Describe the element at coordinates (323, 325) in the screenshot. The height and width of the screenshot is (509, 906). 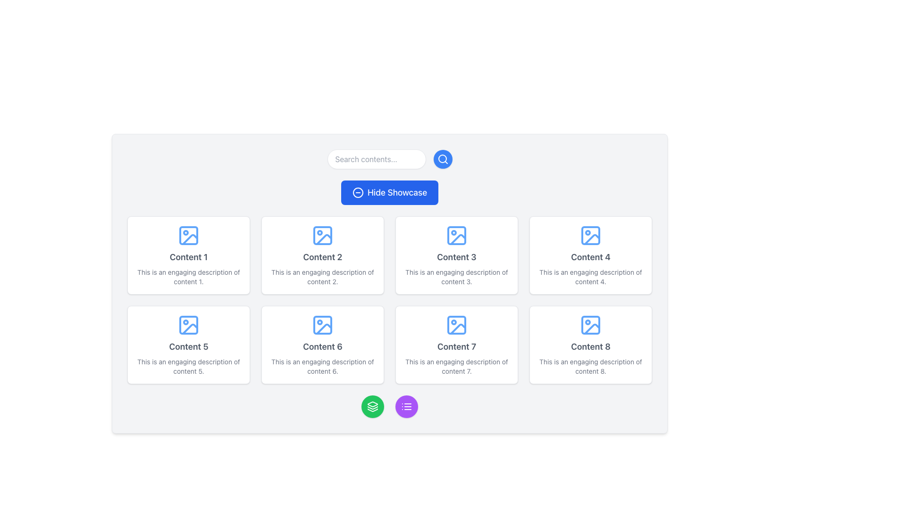
I see `the Decorative rectangle located in the top-left corner of the image icon associated with the 'Content 6' section` at that location.